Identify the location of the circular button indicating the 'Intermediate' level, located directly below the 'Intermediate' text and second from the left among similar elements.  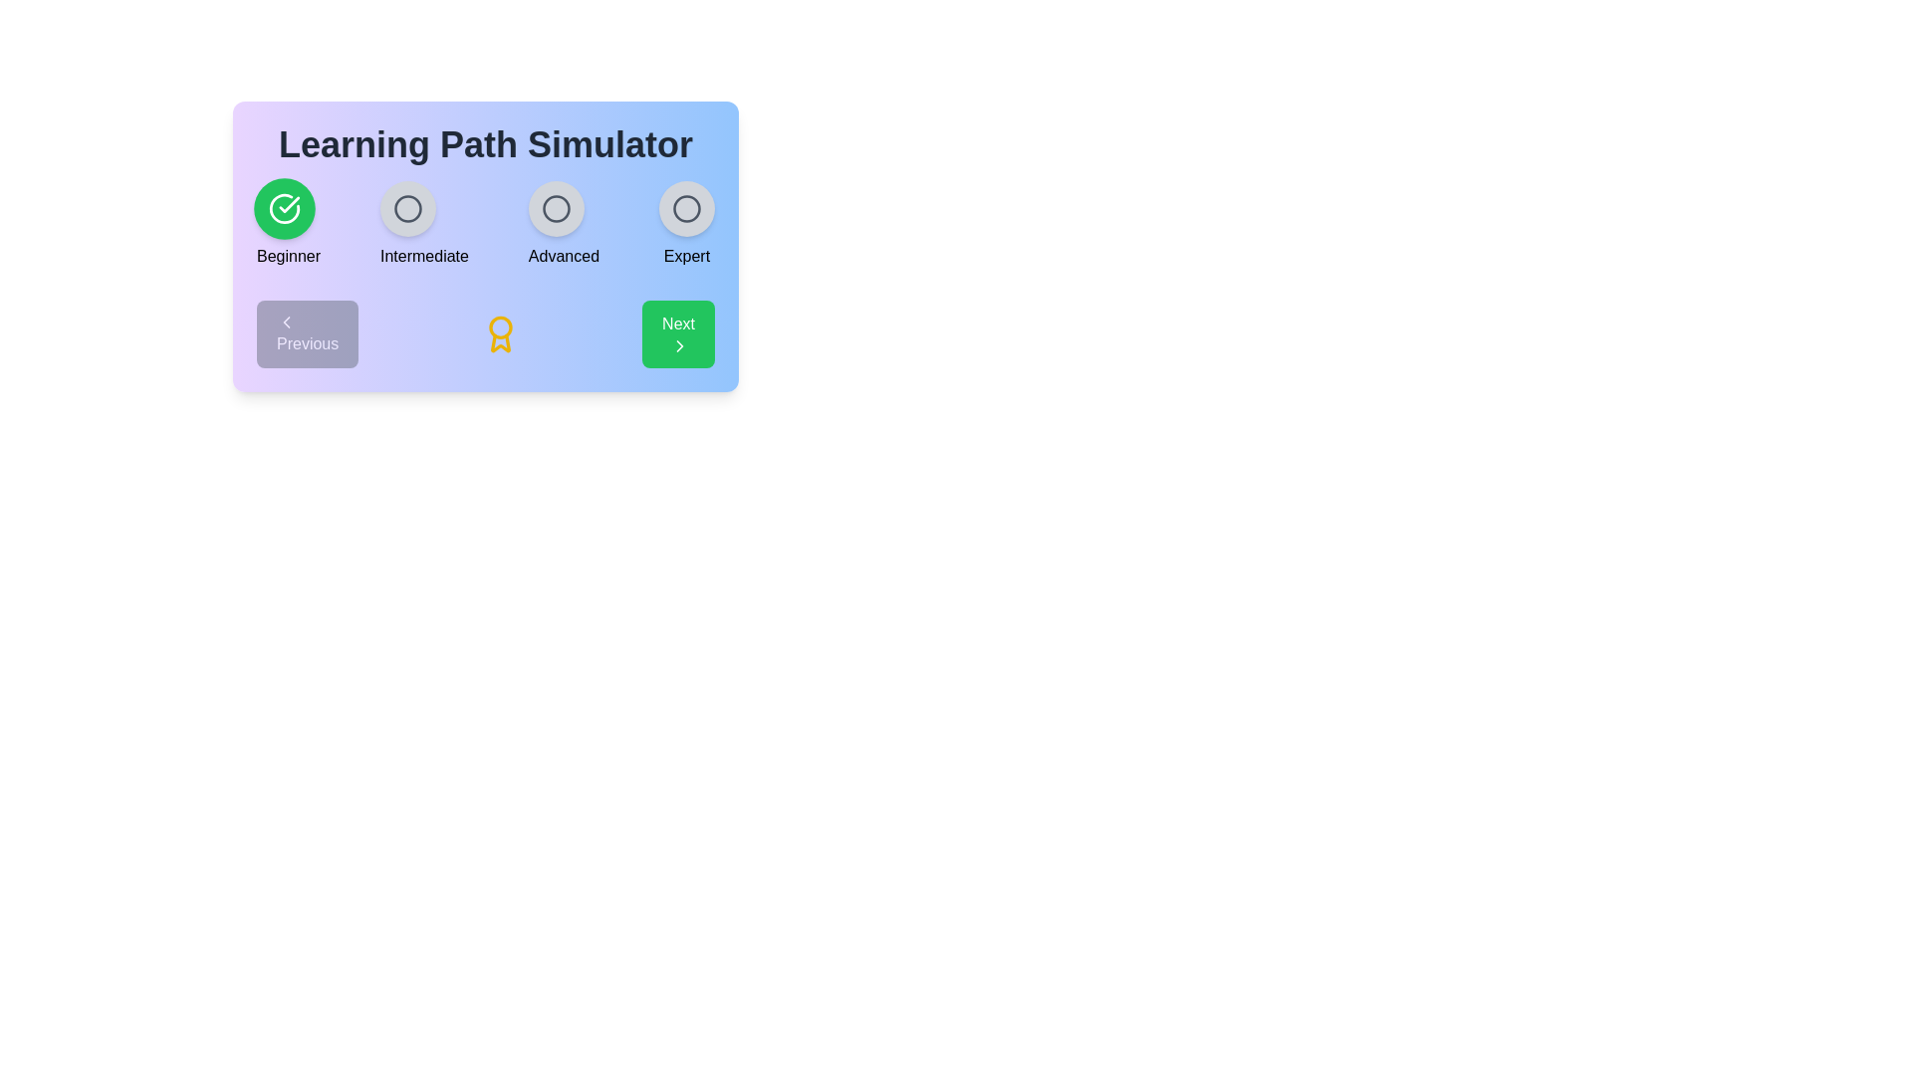
(406, 208).